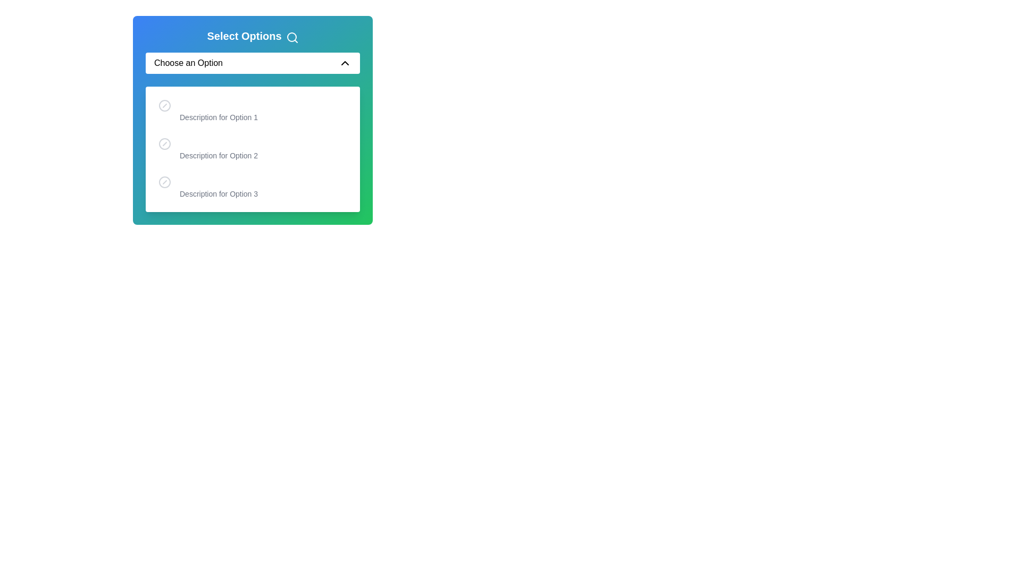 This screenshot has height=574, width=1021. What do you see at coordinates (252, 63) in the screenshot?
I see `the dropdown menu labeled 'Choose an Option'` at bounding box center [252, 63].